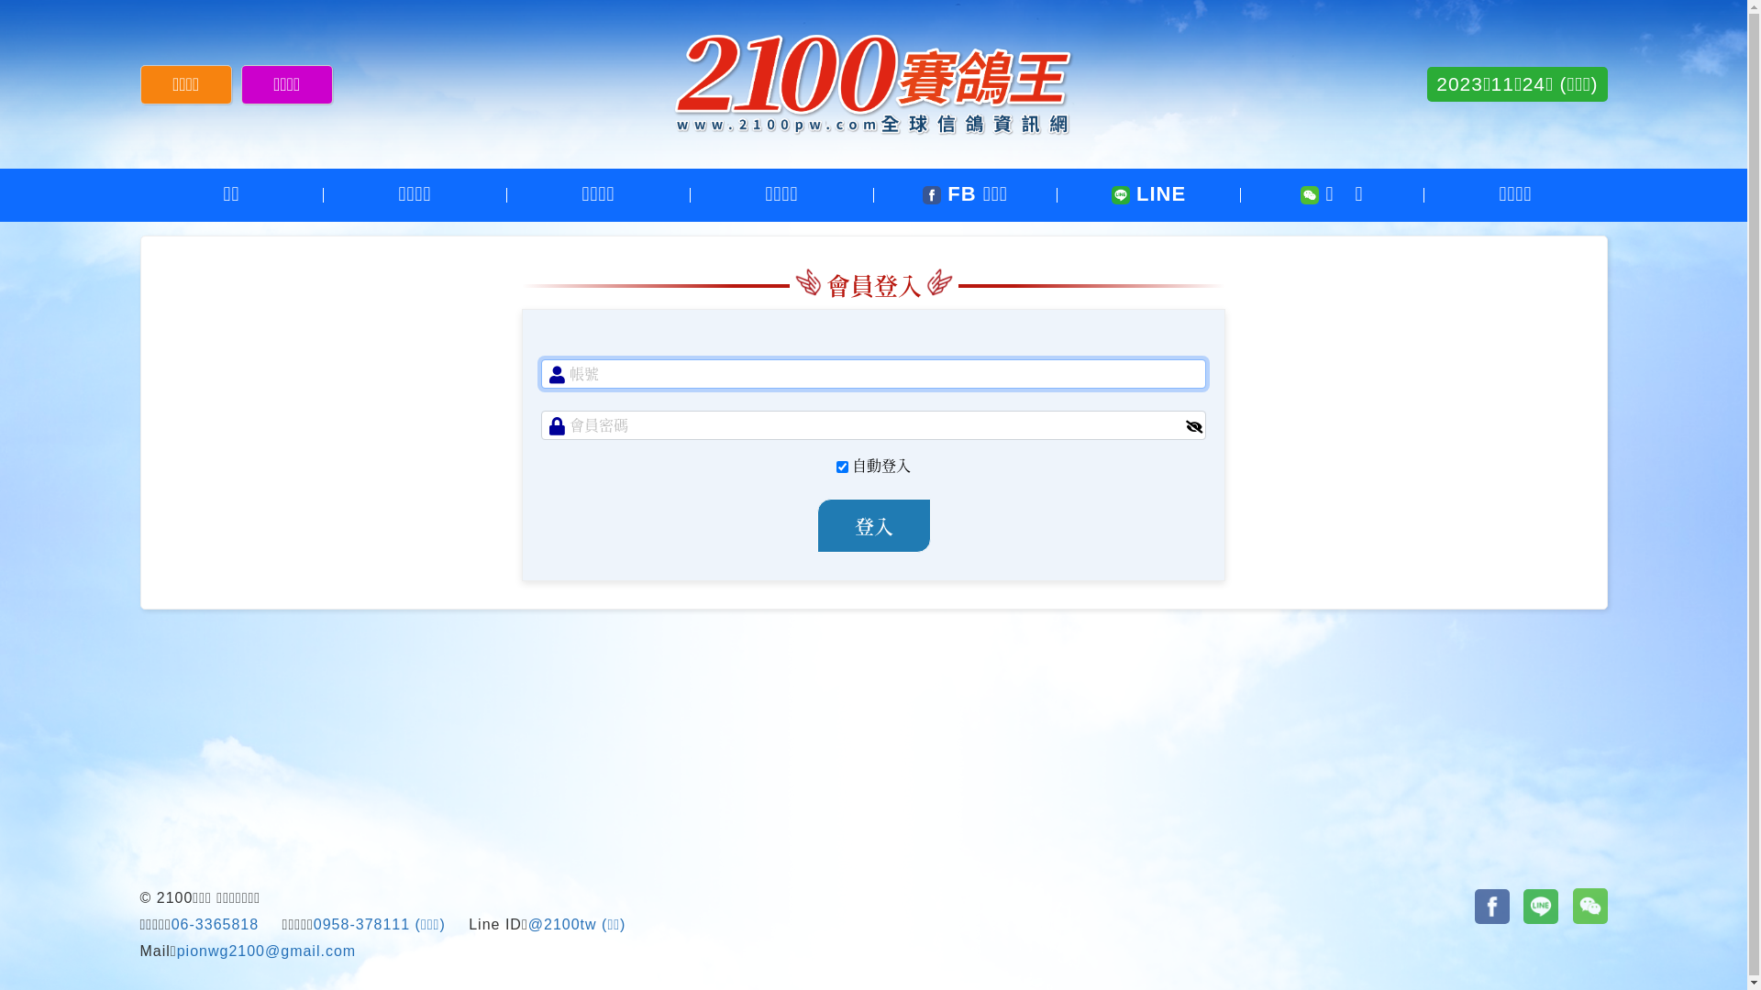 The image size is (1761, 990). What do you see at coordinates (1060, 194) in the screenshot?
I see `'LINE'` at bounding box center [1060, 194].